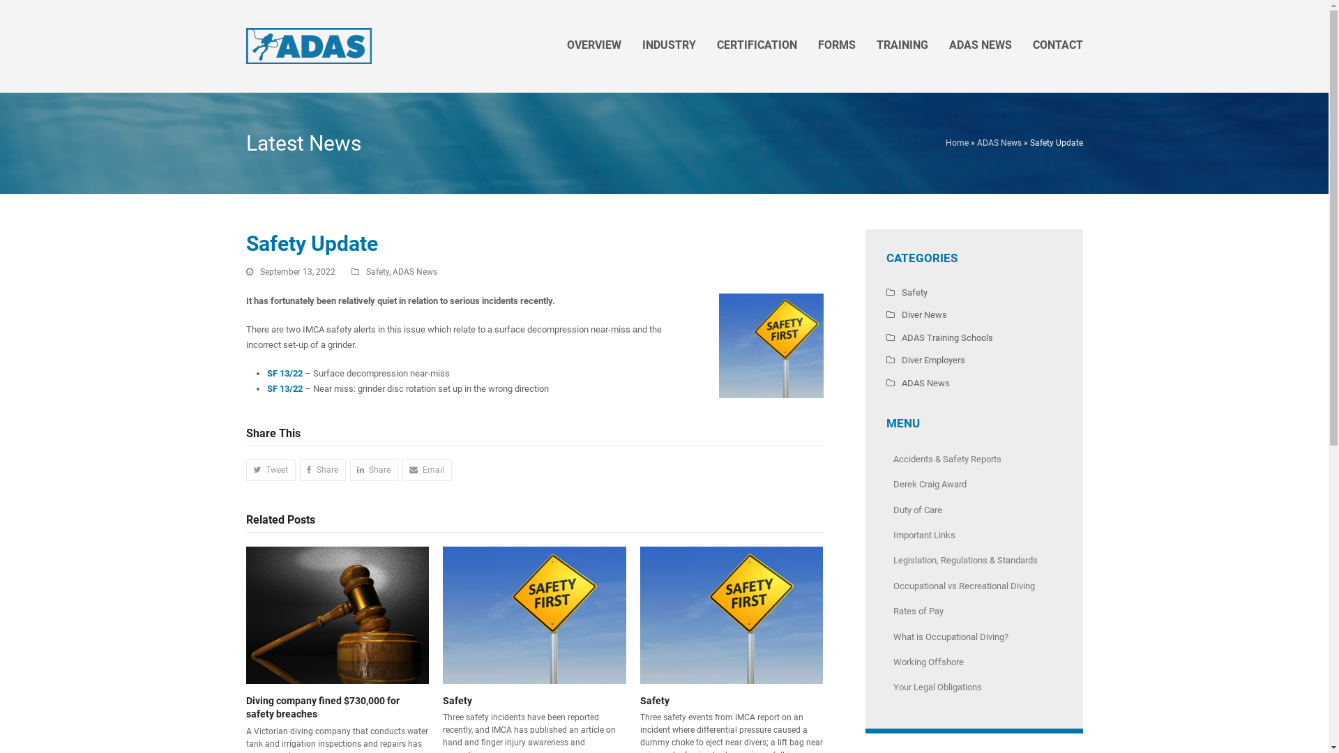  I want to click on 'Safety', so click(377, 271).